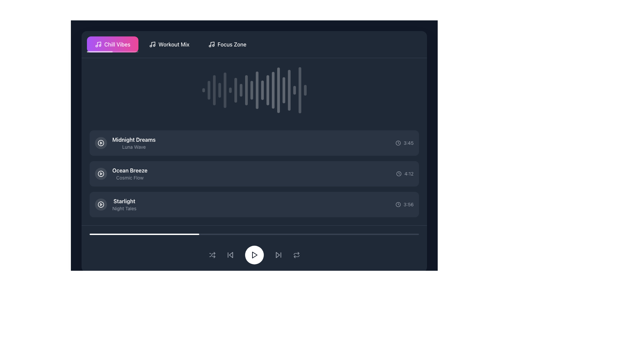 The image size is (642, 361). What do you see at coordinates (98, 44) in the screenshot?
I see `the 'Chill Vibes' tab icon located in the top-left corner of the navigation bar, which serves as a visual identifier for its musical context` at bounding box center [98, 44].